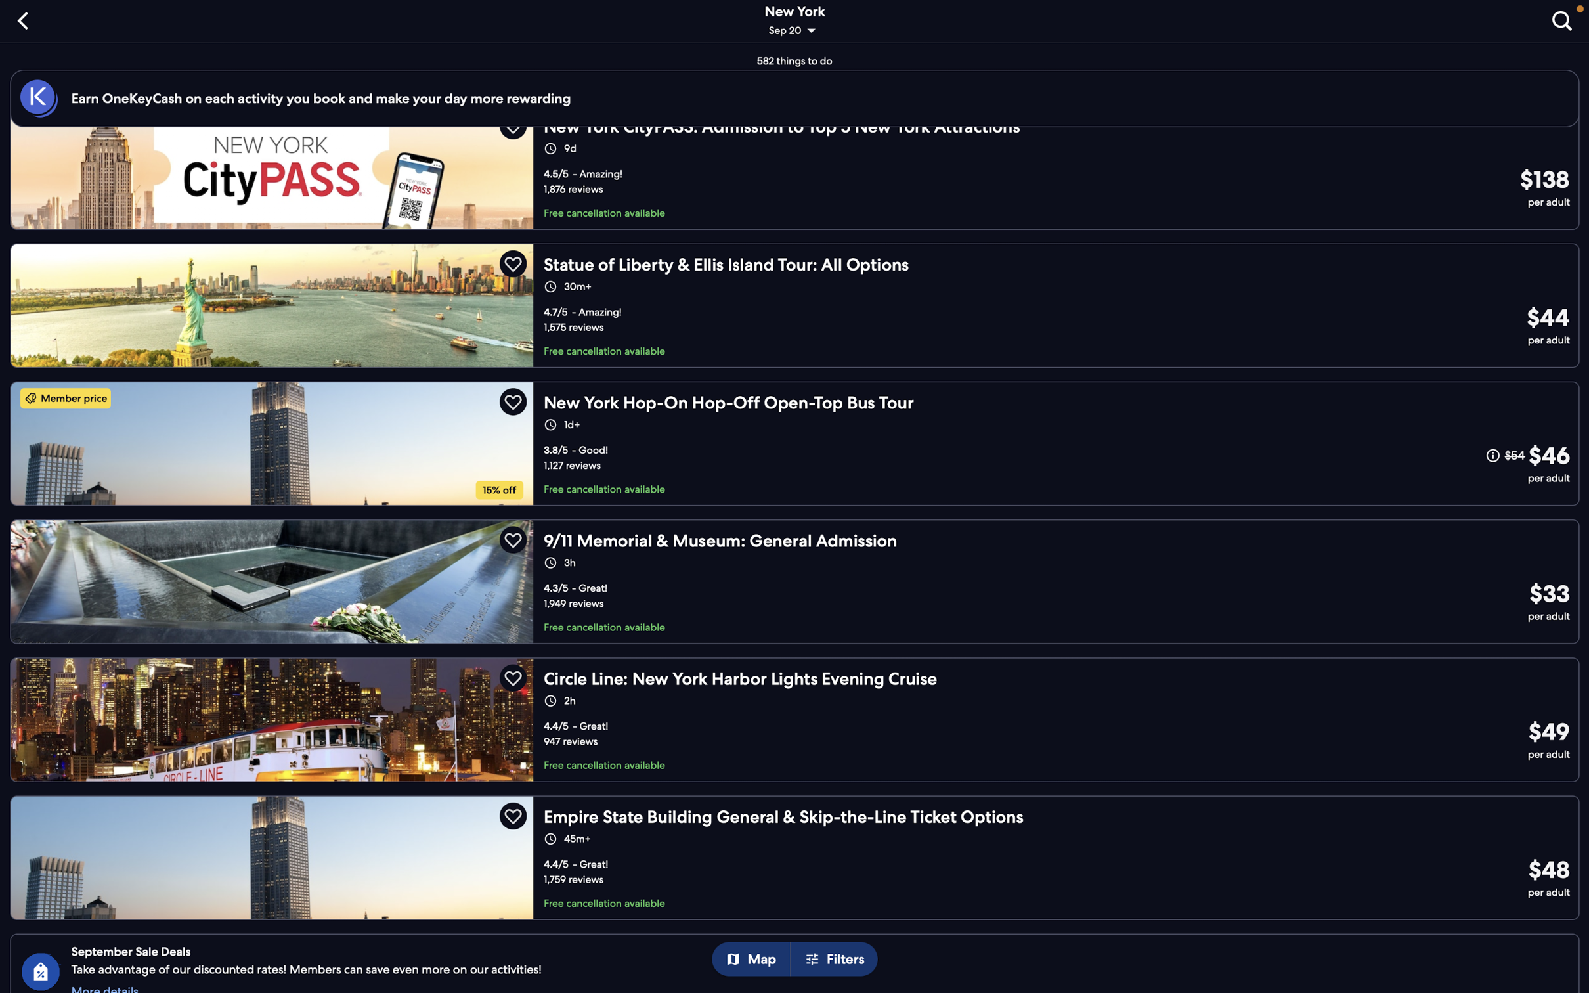 This screenshot has width=1589, height=993. I want to click on the "memorial tour" option to learn more about it, so click(794, 581).